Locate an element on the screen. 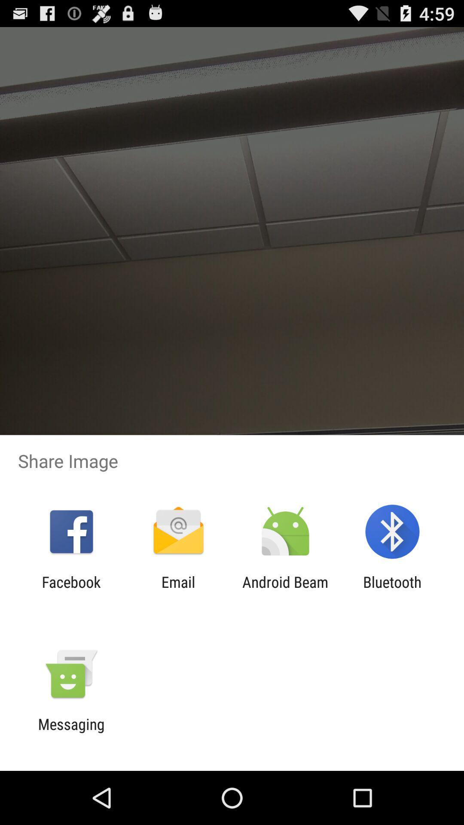  icon to the right of the facebook is located at coordinates (178, 590).